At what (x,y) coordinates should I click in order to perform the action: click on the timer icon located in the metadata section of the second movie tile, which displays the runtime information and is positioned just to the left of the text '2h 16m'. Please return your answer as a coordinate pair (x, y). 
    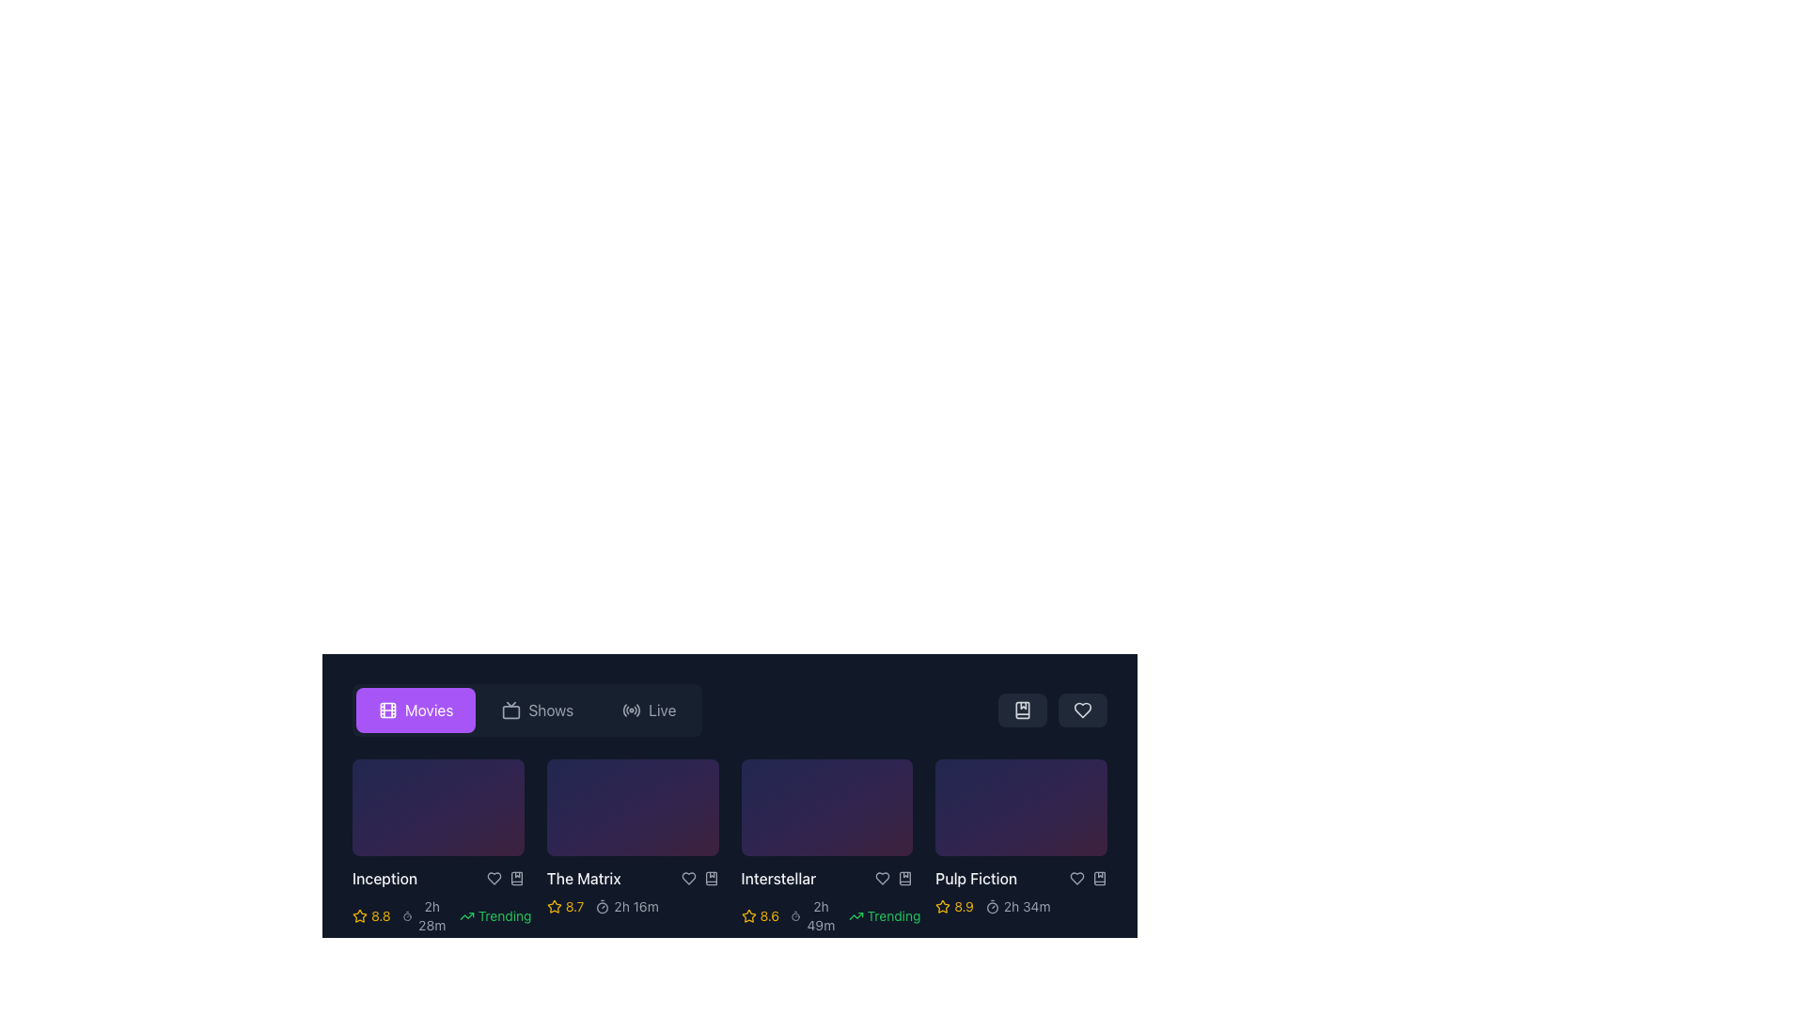
    Looking at the image, I should click on (603, 905).